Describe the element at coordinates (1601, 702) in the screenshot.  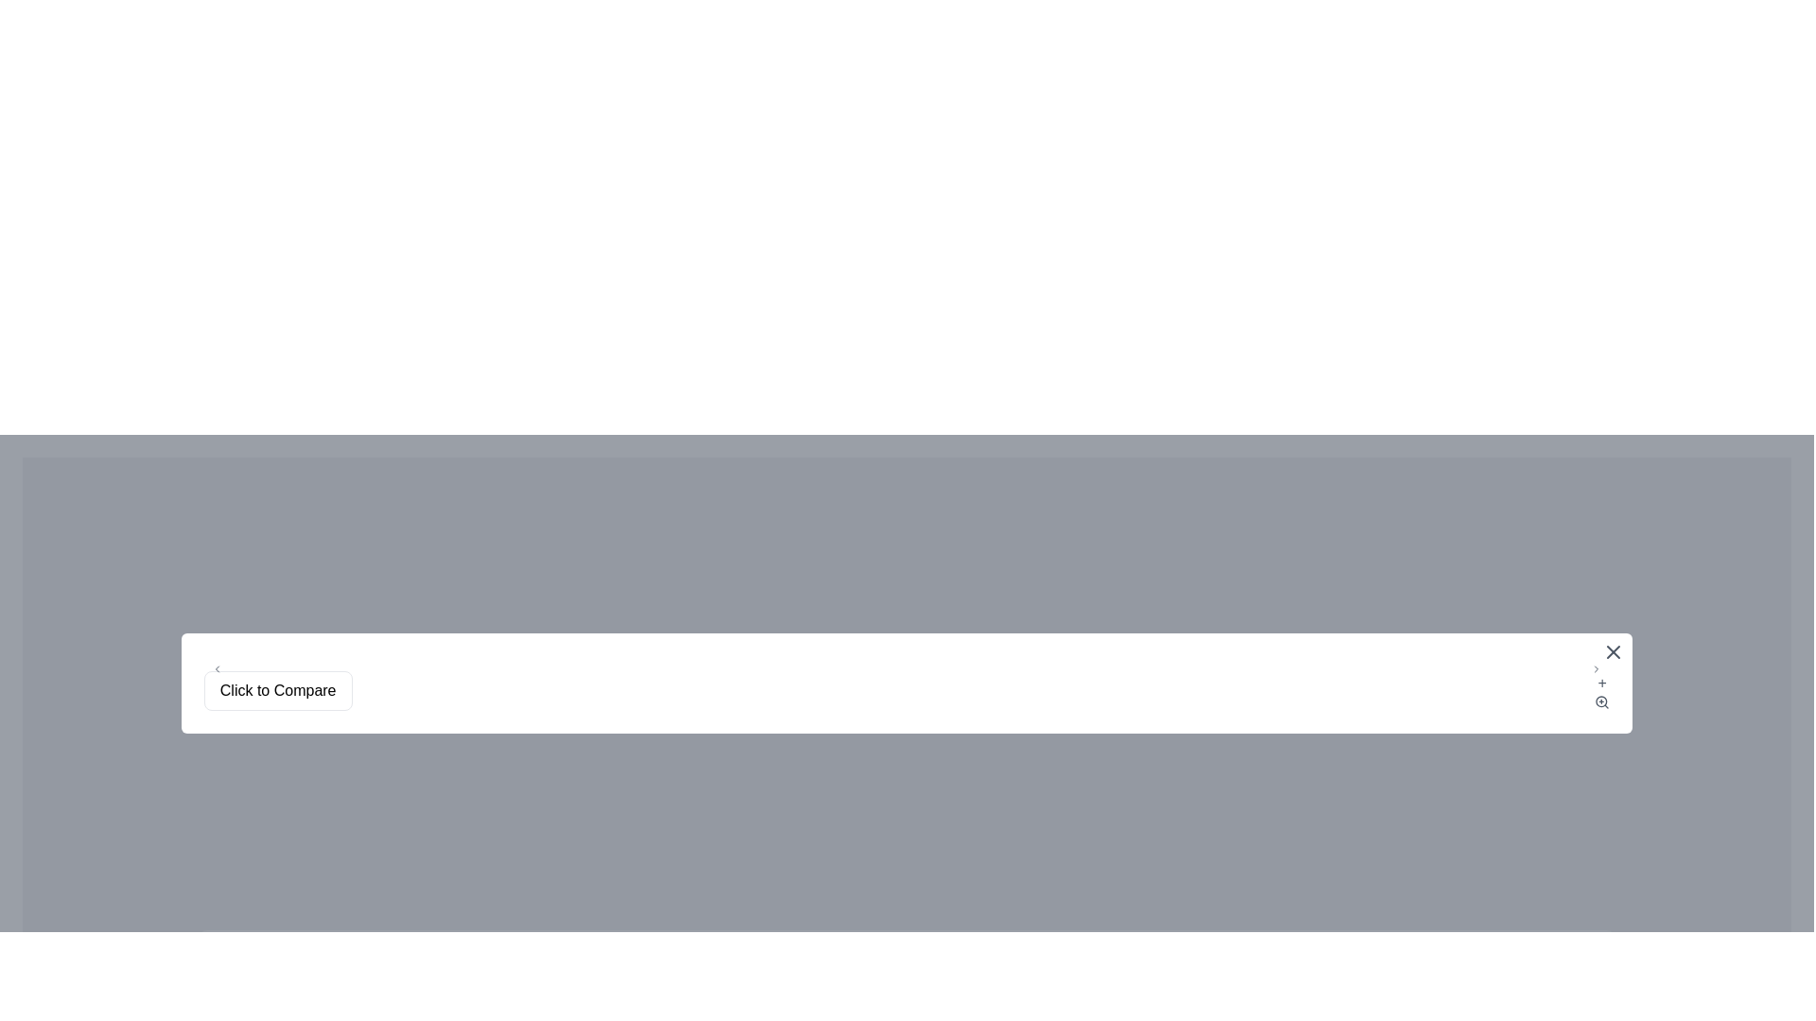
I see `the zoom-in button located at the bottom right corner of the modal, aligned below the '+' icon, to enlarge the view` at that location.